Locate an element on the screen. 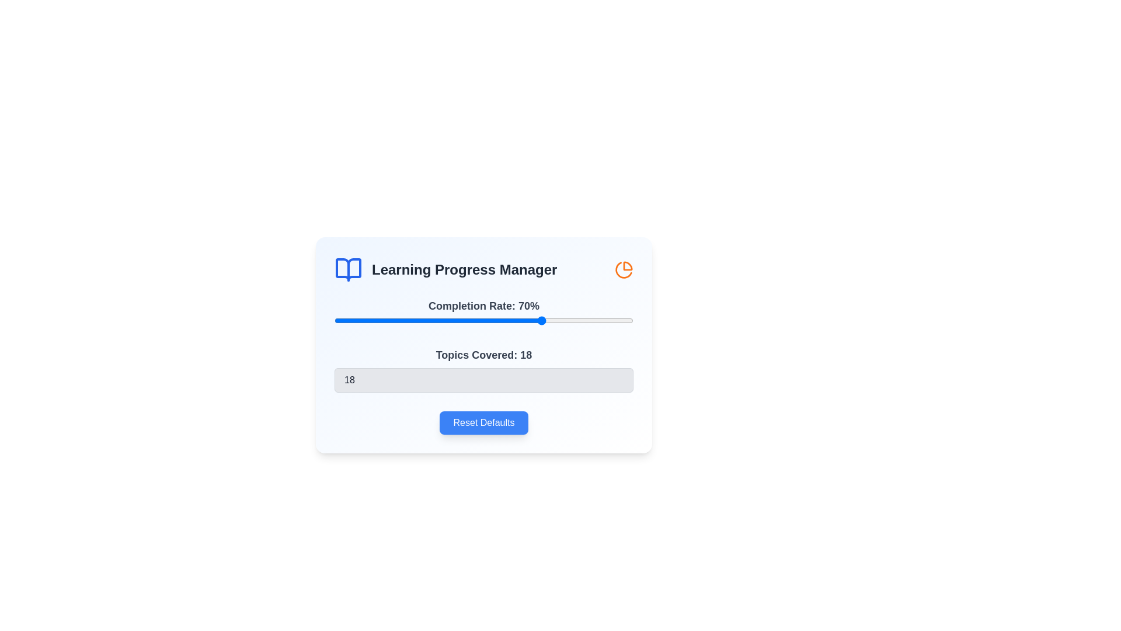 The image size is (1121, 631). the completion rate slider to 80% is located at coordinates (573, 320).